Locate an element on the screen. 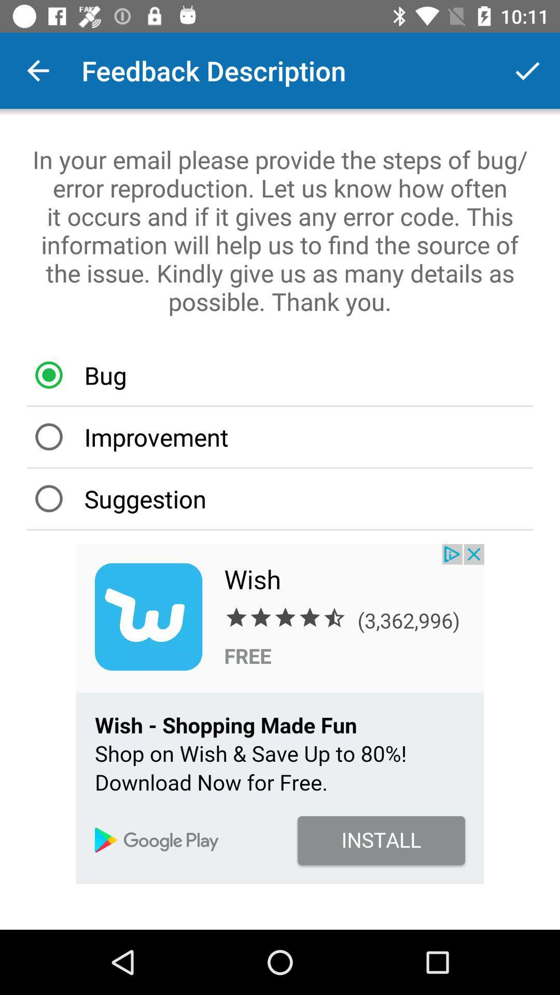 Image resolution: width=560 pixels, height=995 pixels. advertisement is located at coordinates (280, 714).